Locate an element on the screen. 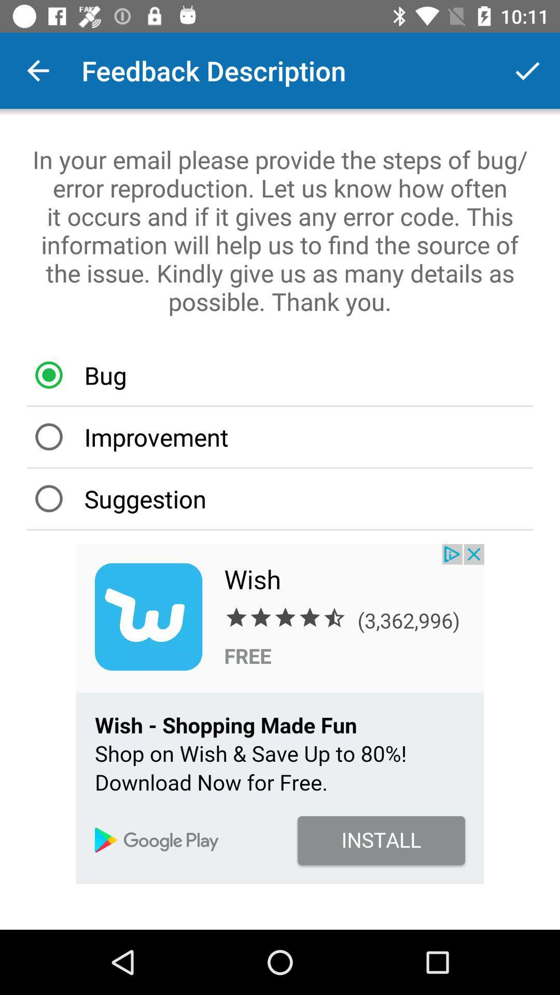 Image resolution: width=560 pixels, height=995 pixels. advertisement is located at coordinates (280, 714).